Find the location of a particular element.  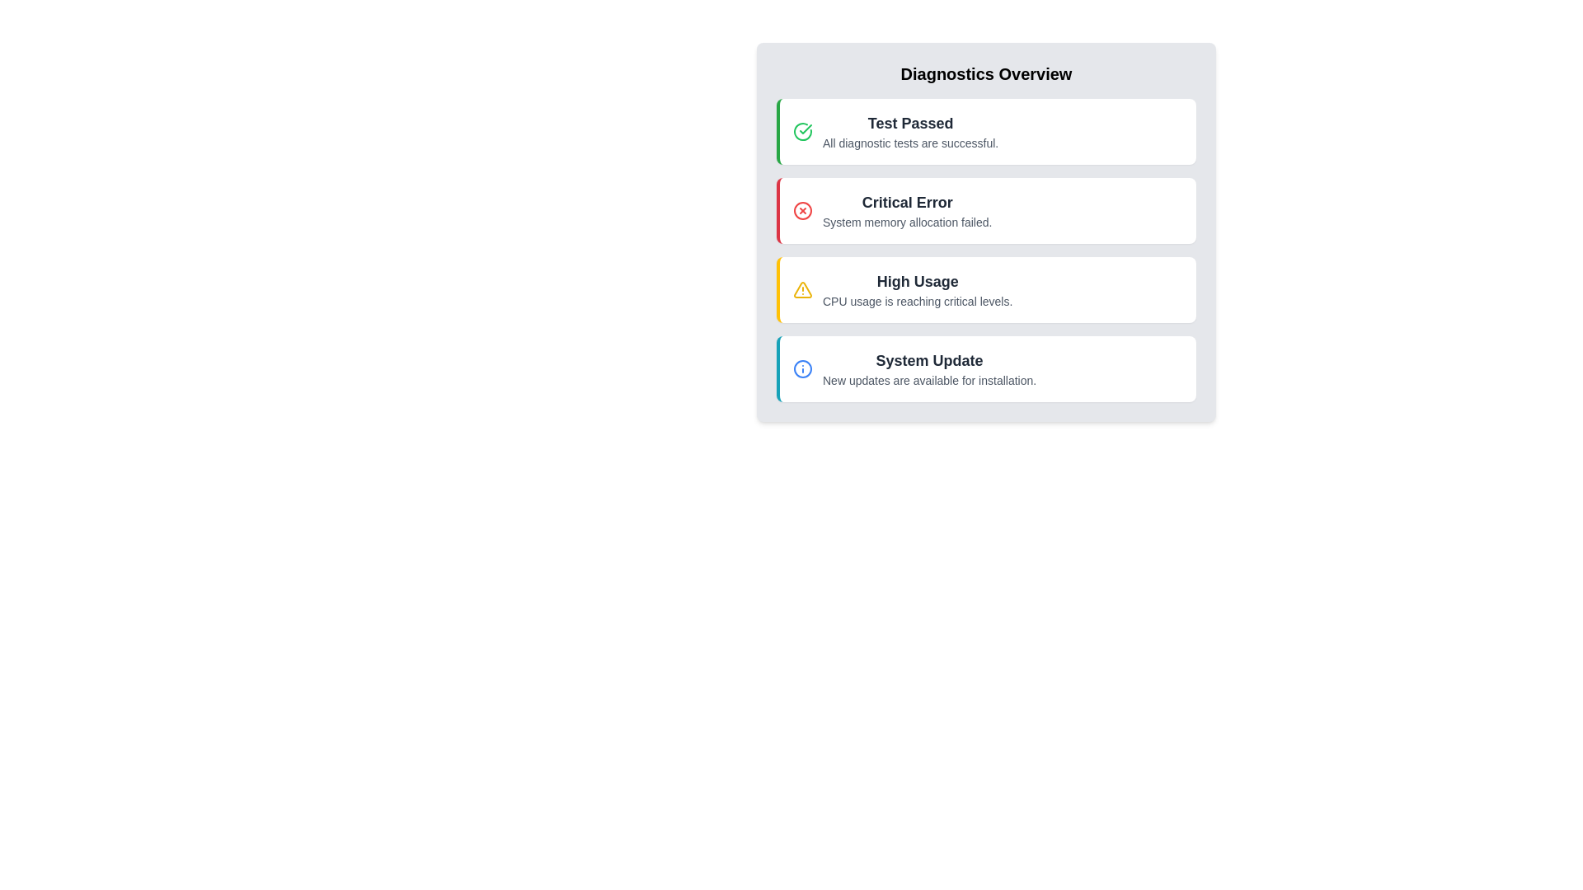

the SVG Circle element, which is visually represented as a circular shape within a blue-colored info icon next to the 'System Update' text is located at coordinates (803, 368).